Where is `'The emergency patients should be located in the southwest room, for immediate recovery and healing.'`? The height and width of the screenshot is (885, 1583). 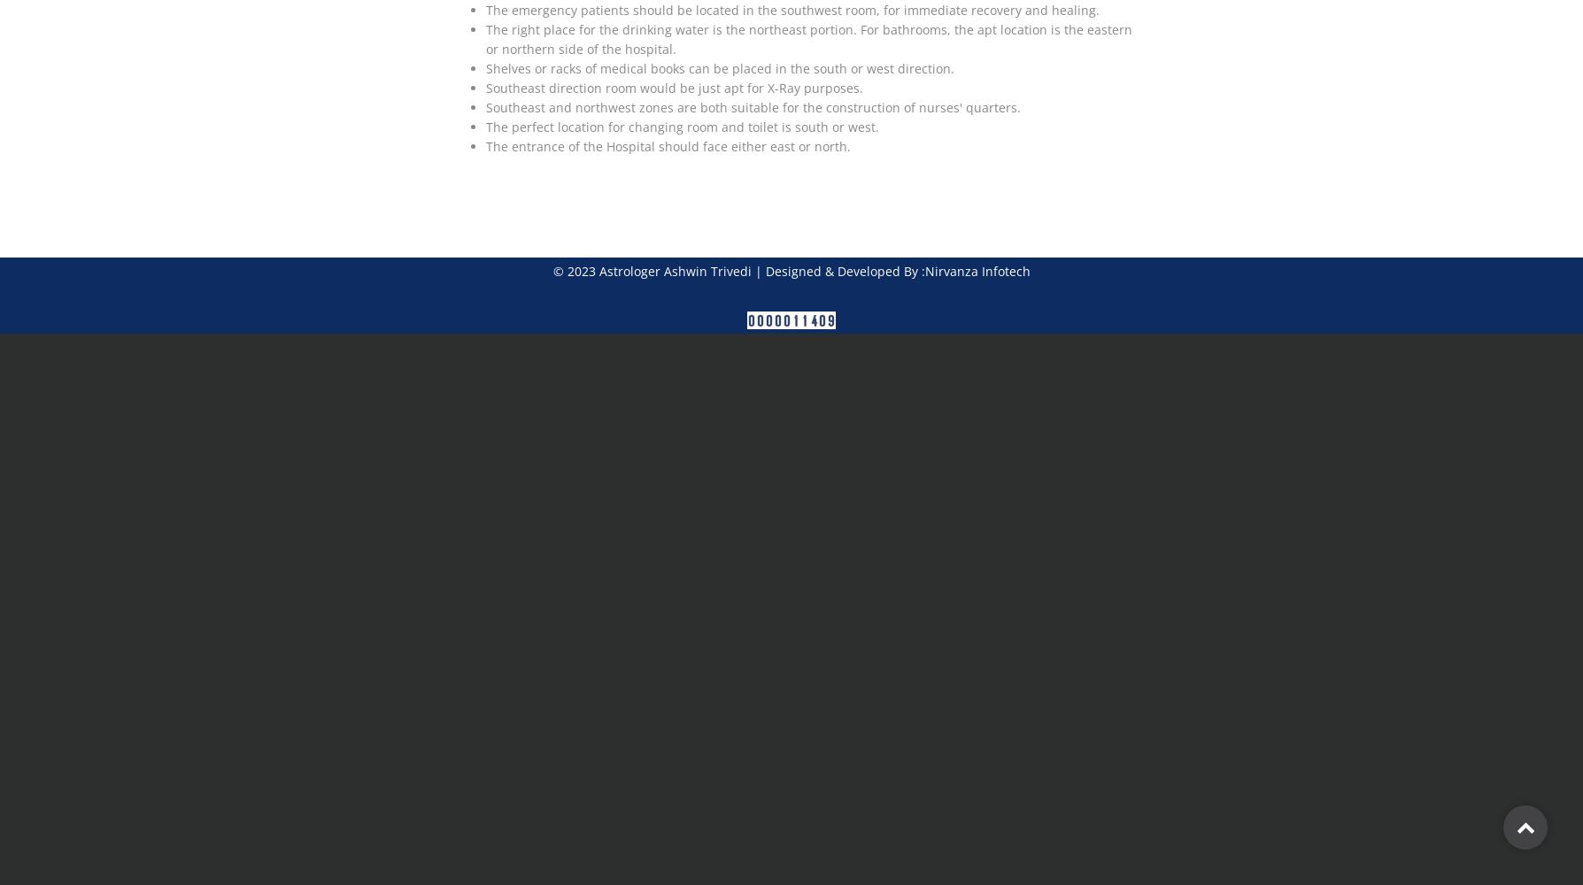
'The emergency patients should be located in the southwest room, for immediate recovery and healing.' is located at coordinates (792, 10).